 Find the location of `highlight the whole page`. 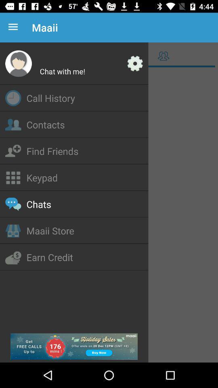

highlight the whole page is located at coordinates (109, 215).